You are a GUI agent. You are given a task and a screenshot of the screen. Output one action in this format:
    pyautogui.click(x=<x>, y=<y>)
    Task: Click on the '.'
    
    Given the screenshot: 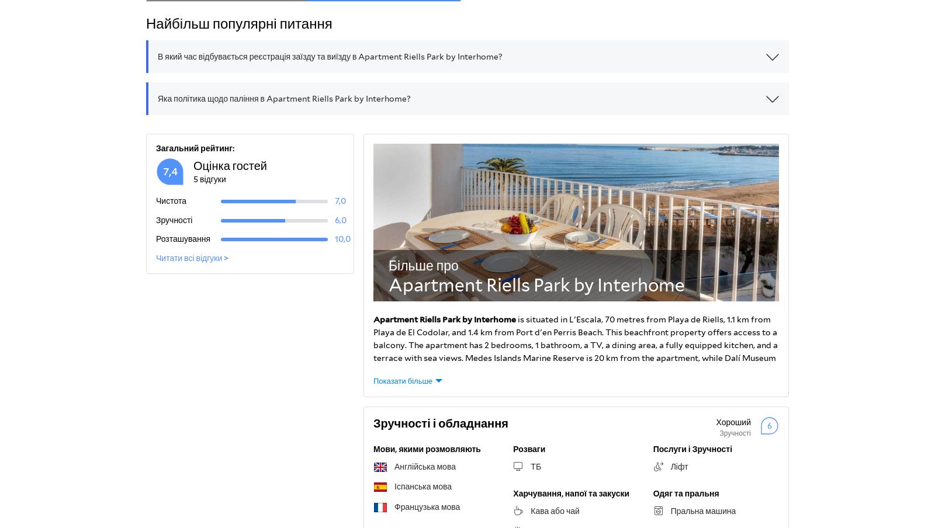 What is the action you would take?
    pyautogui.click(x=469, y=384)
    